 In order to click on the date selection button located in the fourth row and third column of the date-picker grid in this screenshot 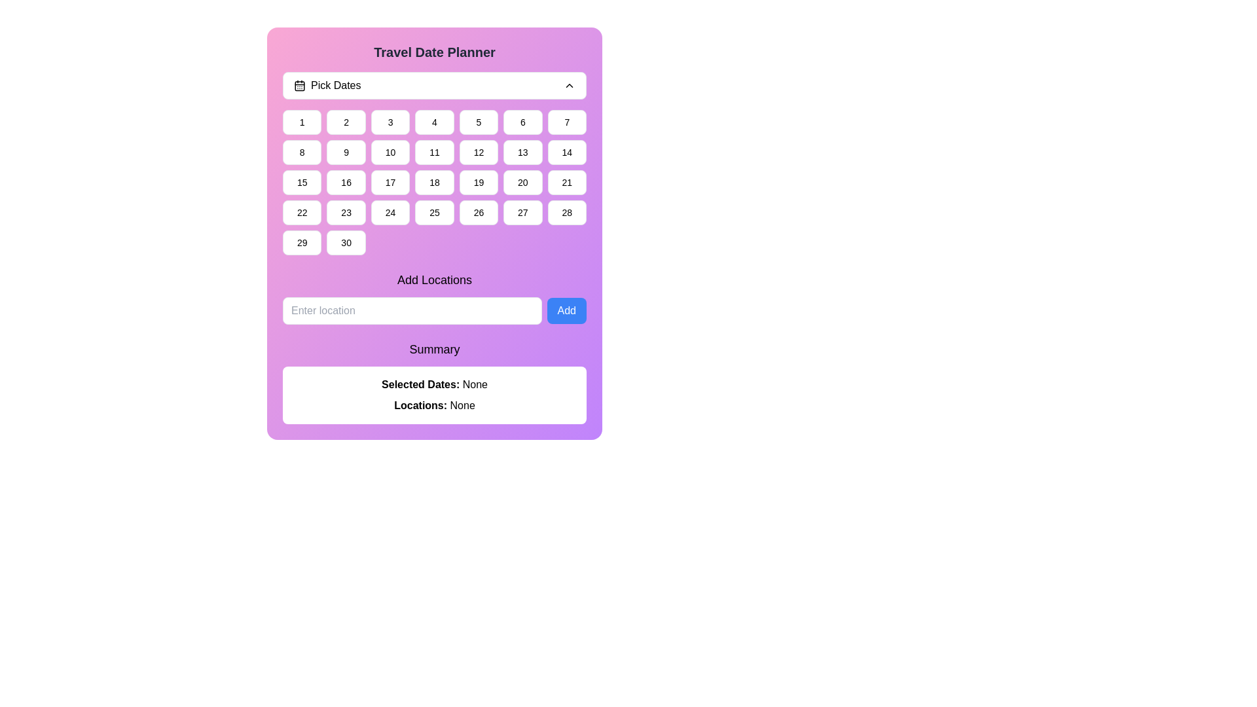, I will do `click(390, 211)`.